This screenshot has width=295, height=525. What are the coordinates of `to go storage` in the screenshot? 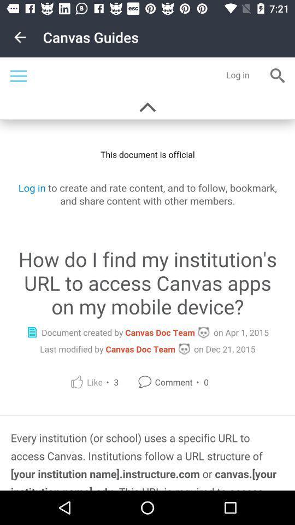 It's located at (147, 273).